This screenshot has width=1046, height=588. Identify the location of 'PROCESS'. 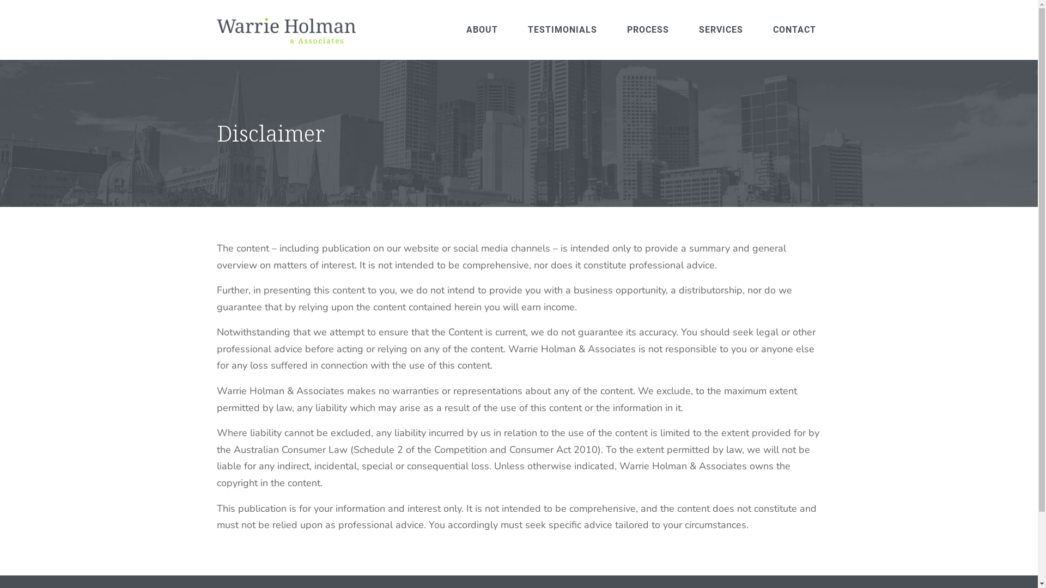
(648, 29).